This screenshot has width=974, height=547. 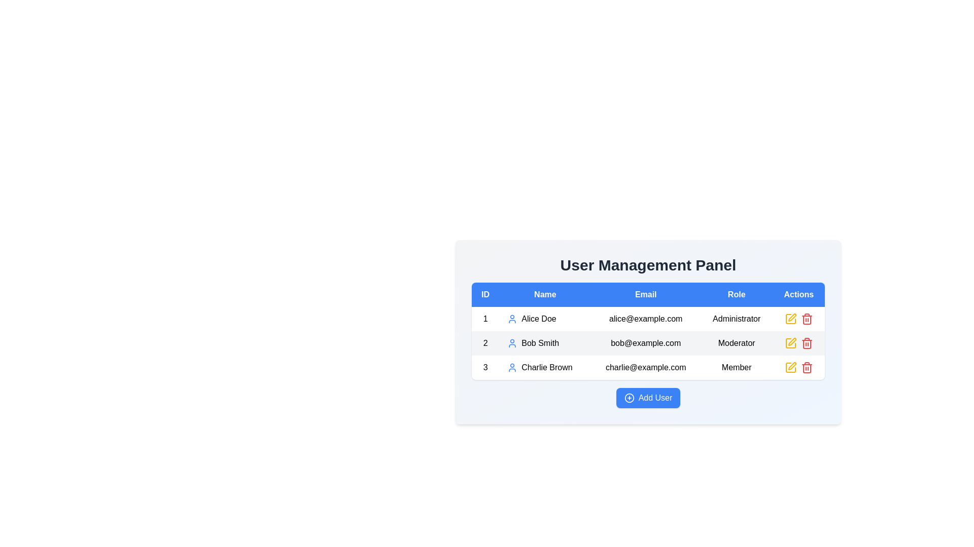 What do you see at coordinates (790, 343) in the screenshot?
I see `keyboard navigation` at bounding box center [790, 343].